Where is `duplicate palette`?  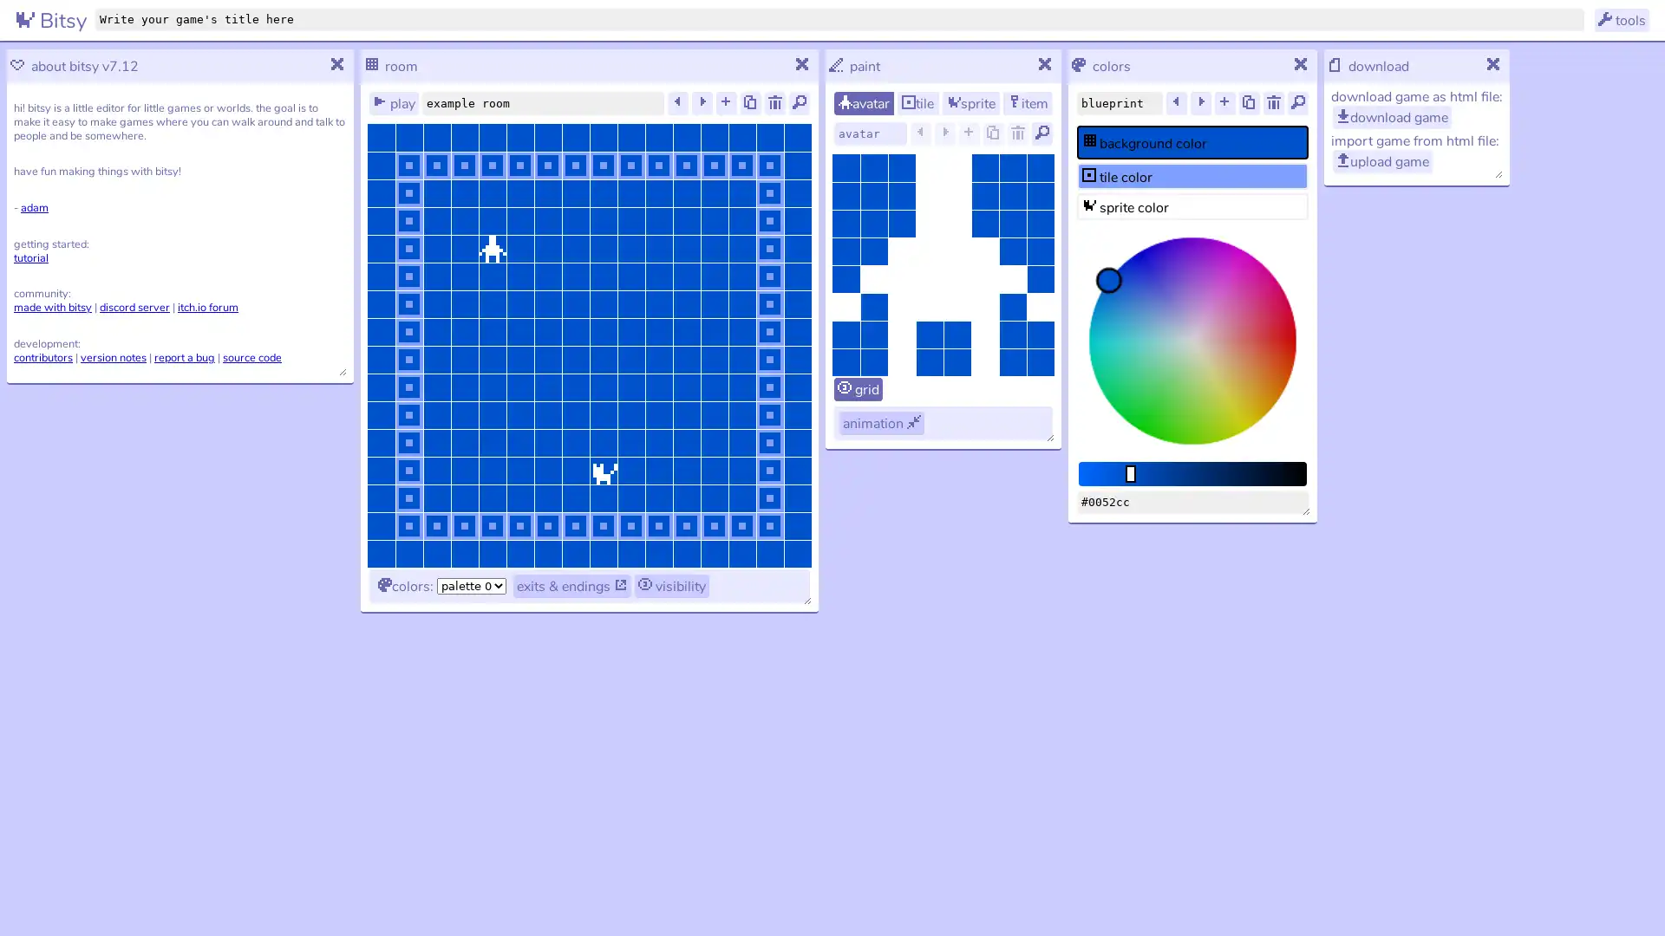 duplicate palette is located at coordinates (1249, 103).